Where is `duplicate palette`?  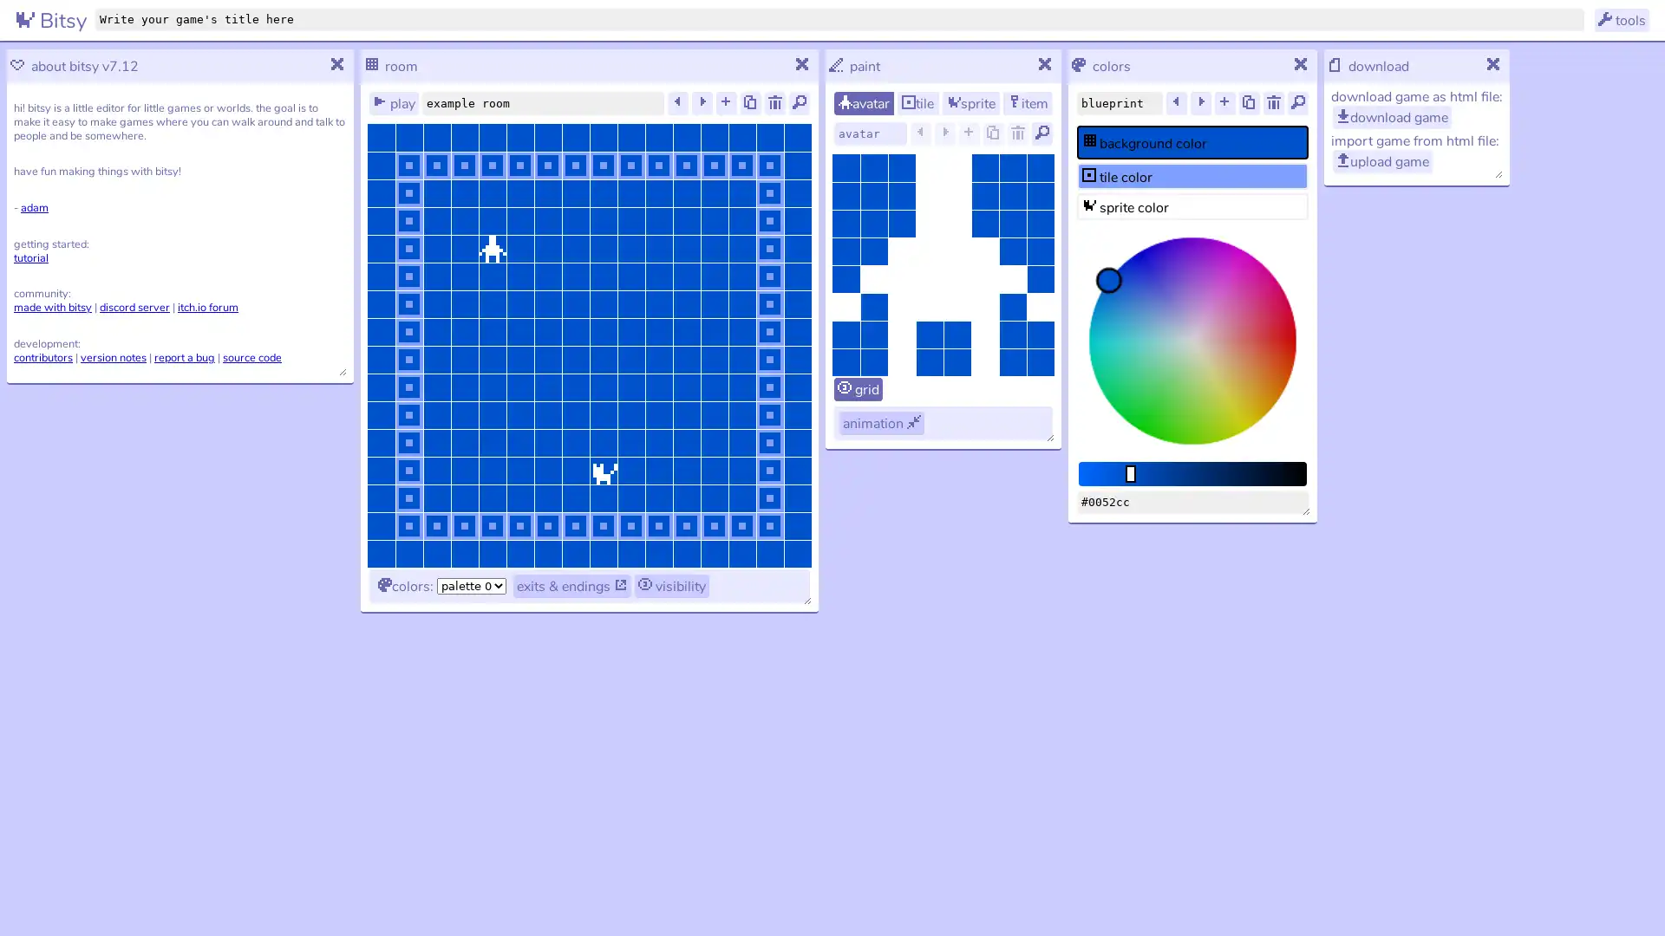 duplicate palette is located at coordinates (1249, 103).